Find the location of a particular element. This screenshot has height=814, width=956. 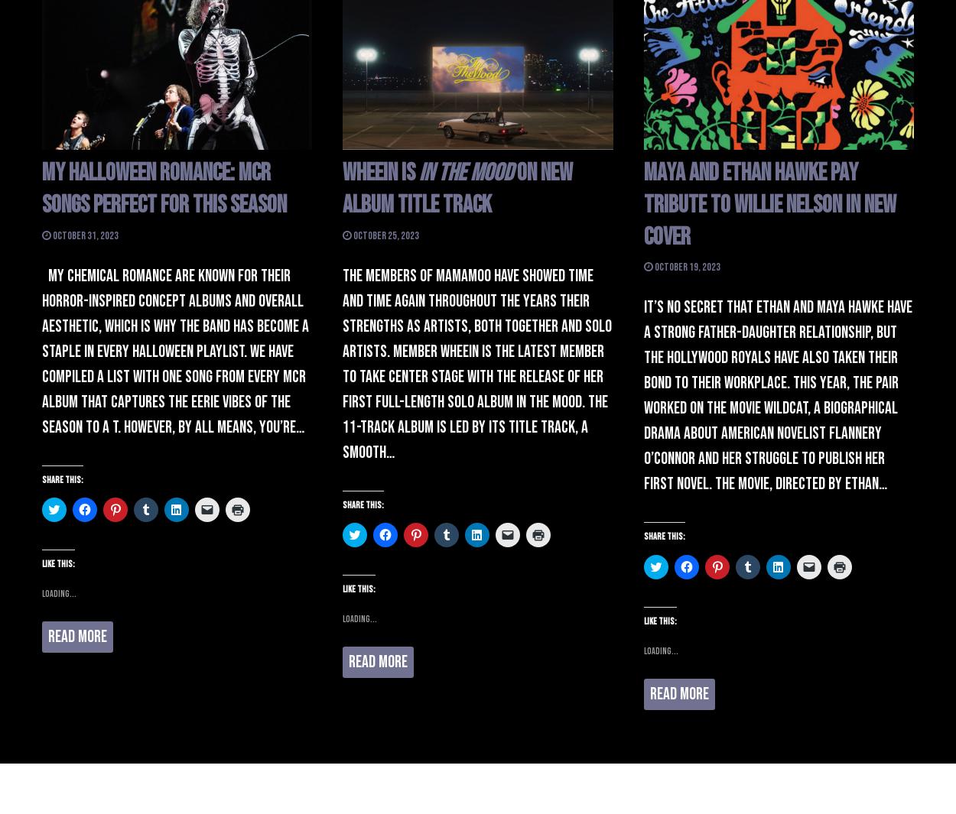

'My Chemical Romance are known for their horror-inspired concept albums and overall aesthetic, which is why the band has become a staple in every Halloween playlist. We have compiled a list with one song from every MCR album that captures the eerie vibes of the season to a T. However, by all means, you’re…' is located at coordinates (174, 350).